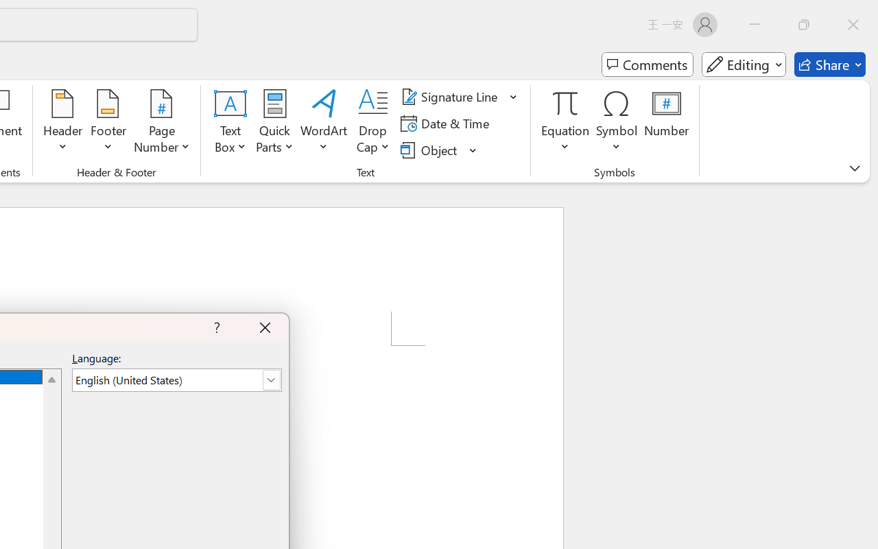 The image size is (878, 549). I want to click on 'Drop Cap', so click(373, 123).